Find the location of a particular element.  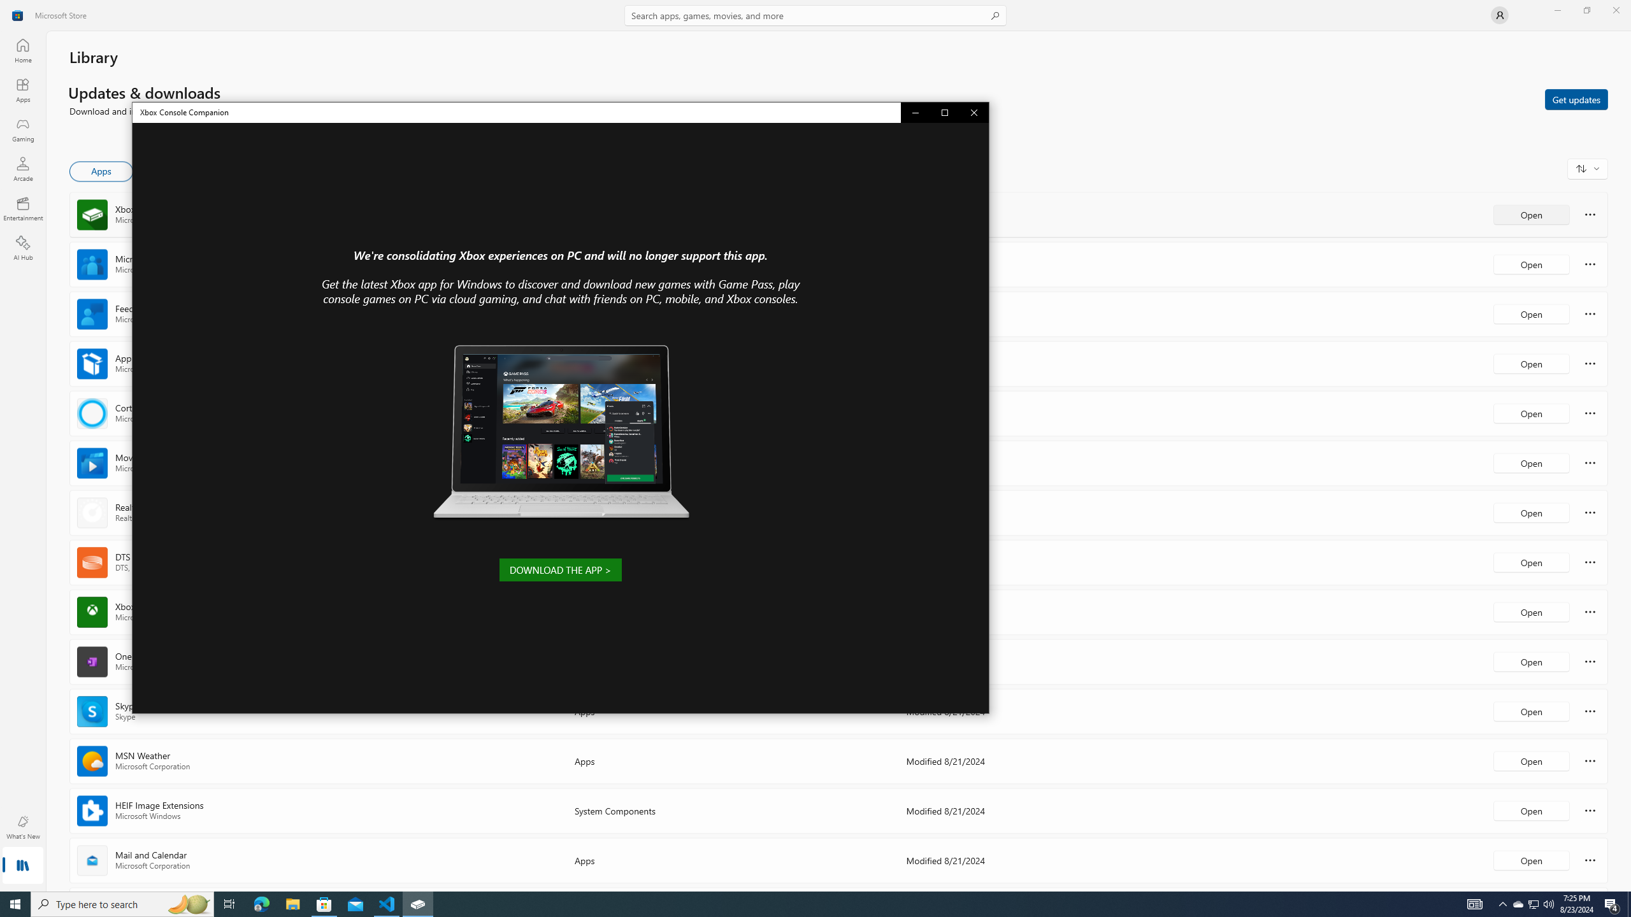

'Notification Chevron' is located at coordinates (1518, 903).